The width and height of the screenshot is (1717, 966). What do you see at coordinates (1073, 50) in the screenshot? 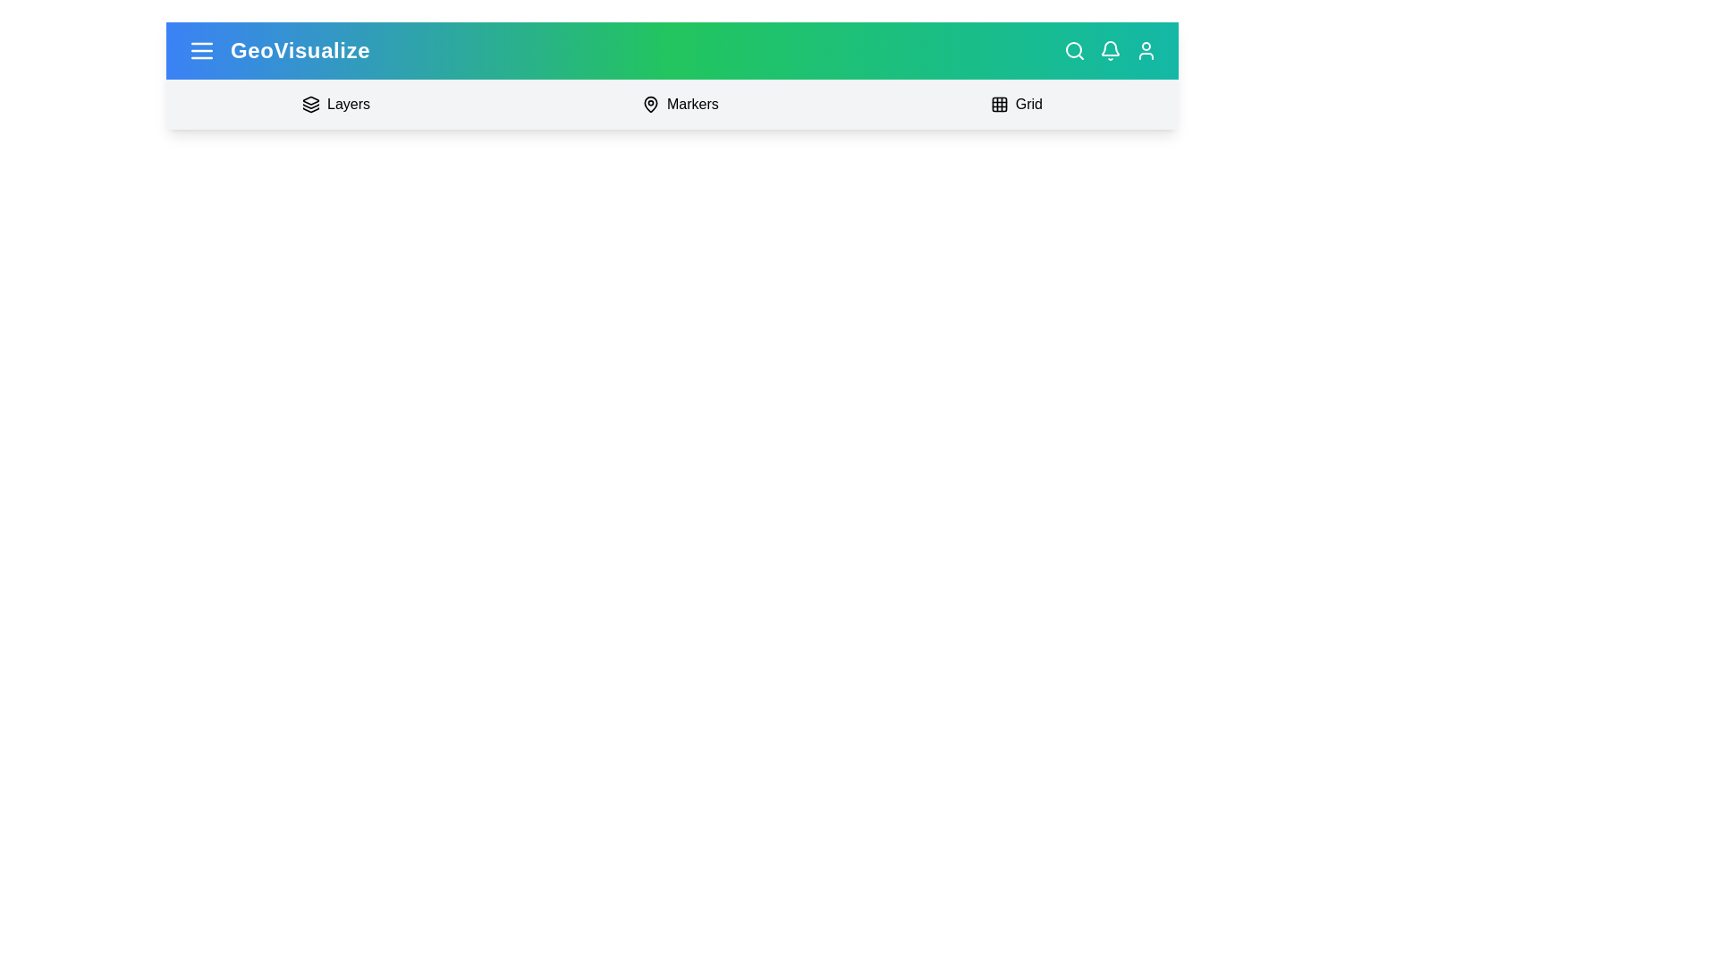
I see `the search icon to open the search panel` at bounding box center [1073, 50].